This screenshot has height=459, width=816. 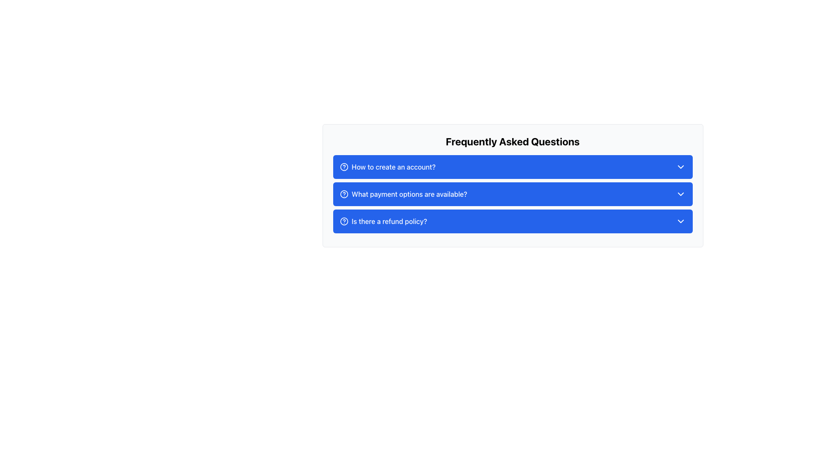 What do you see at coordinates (680, 194) in the screenshot?
I see `the right-aligned chevron-down icon that toggles the dropdown menu for the 'What payment options are available?' question` at bounding box center [680, 194].